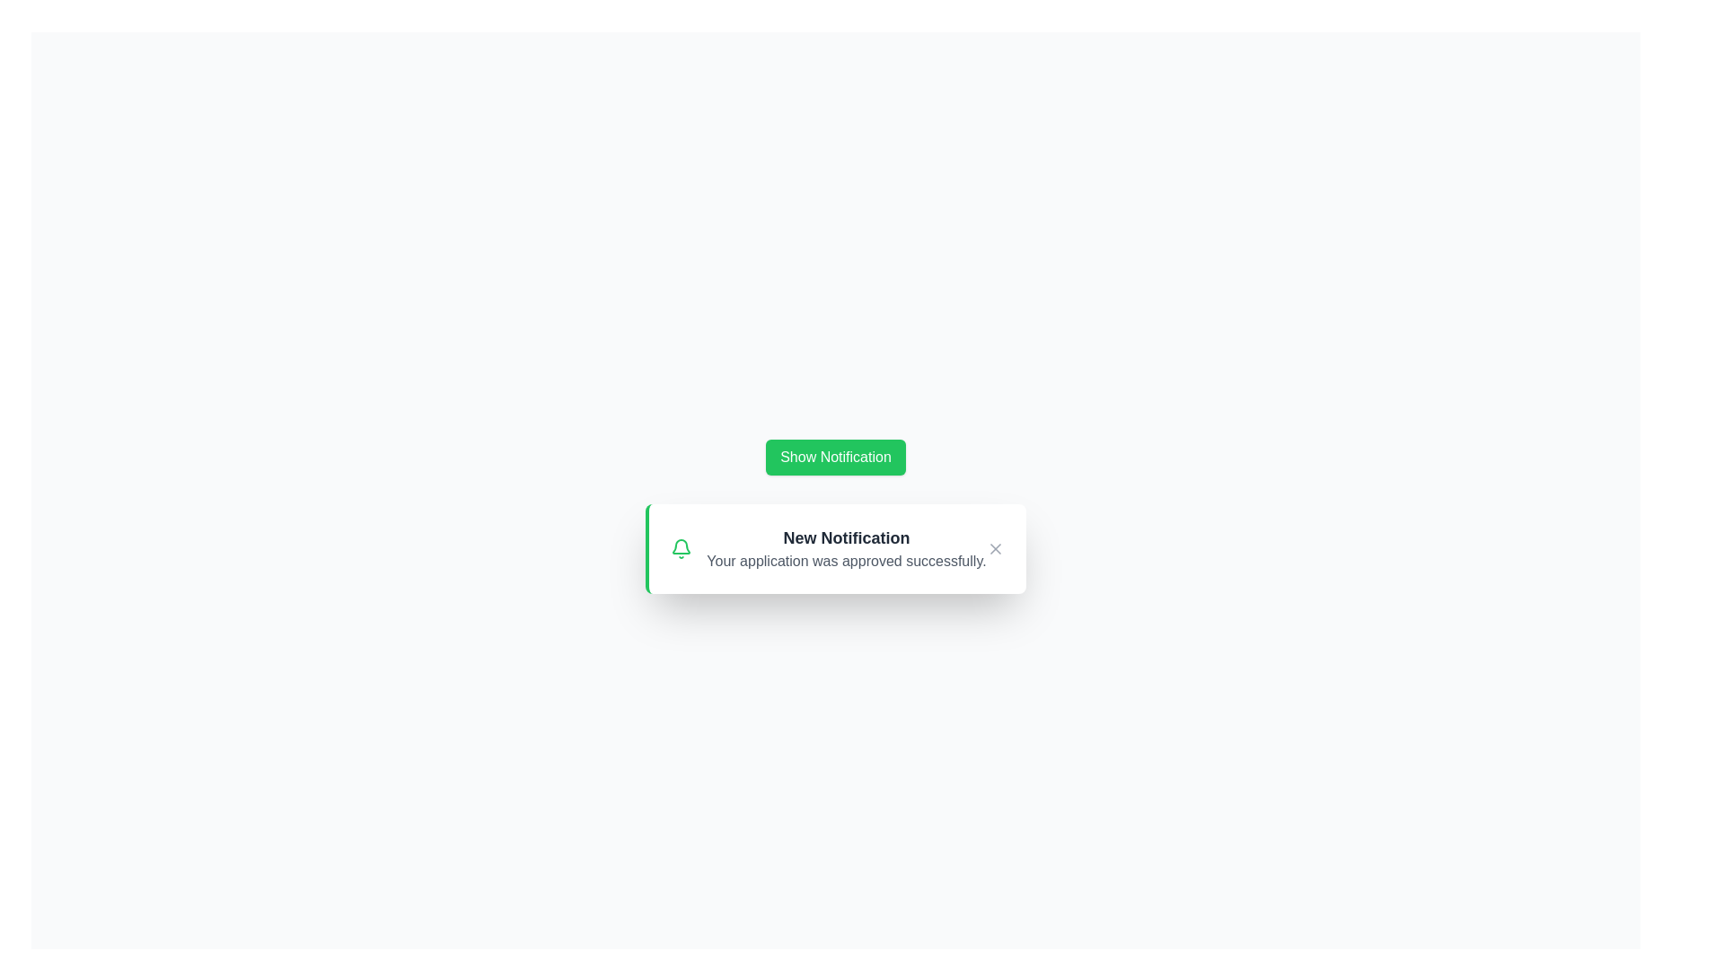 This screenshot has height=969, width=1724. Describe the element at coordinates (845, 537) in the screenshot. I see `text from the title or header of the notification card, which is located at the top center of the card above the message 'Your application was approved successfully.'` at that location.